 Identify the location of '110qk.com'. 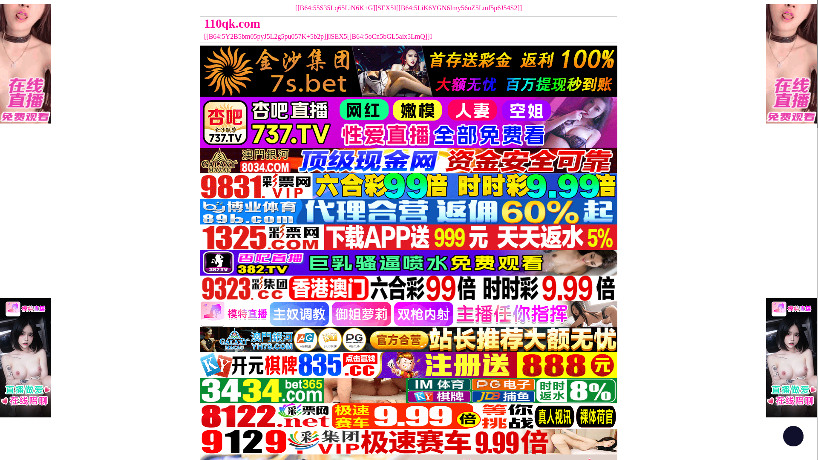
(356, 23).